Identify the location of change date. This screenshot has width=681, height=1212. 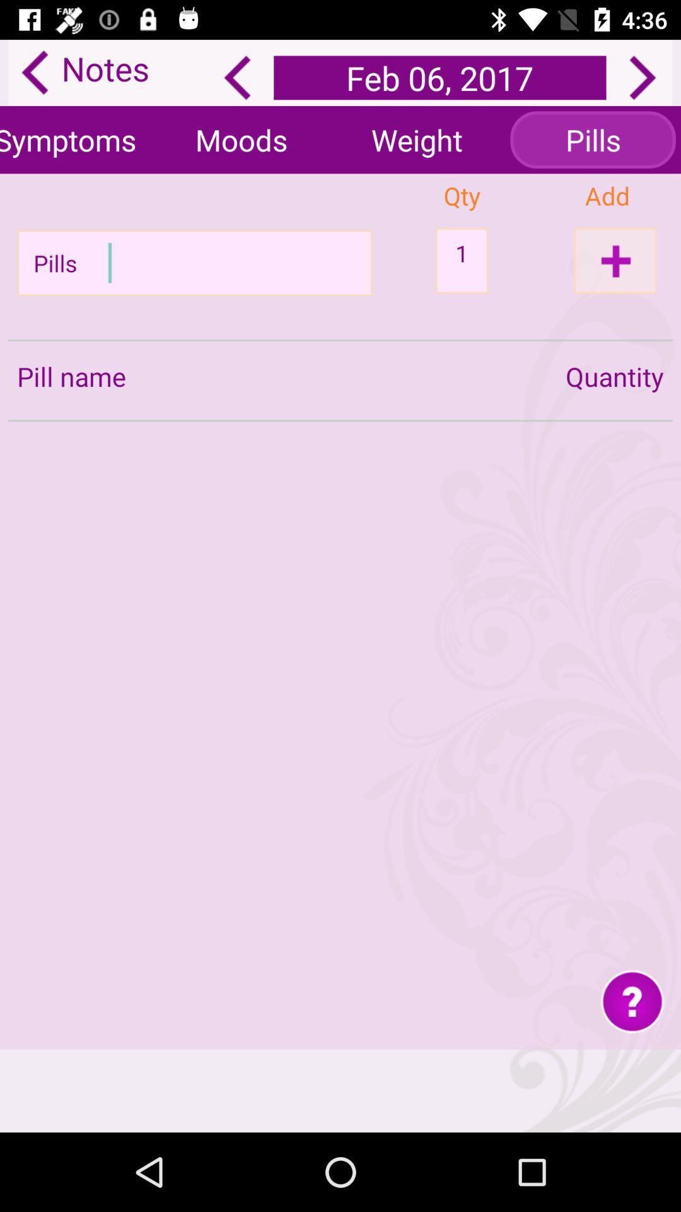
(643, 77).